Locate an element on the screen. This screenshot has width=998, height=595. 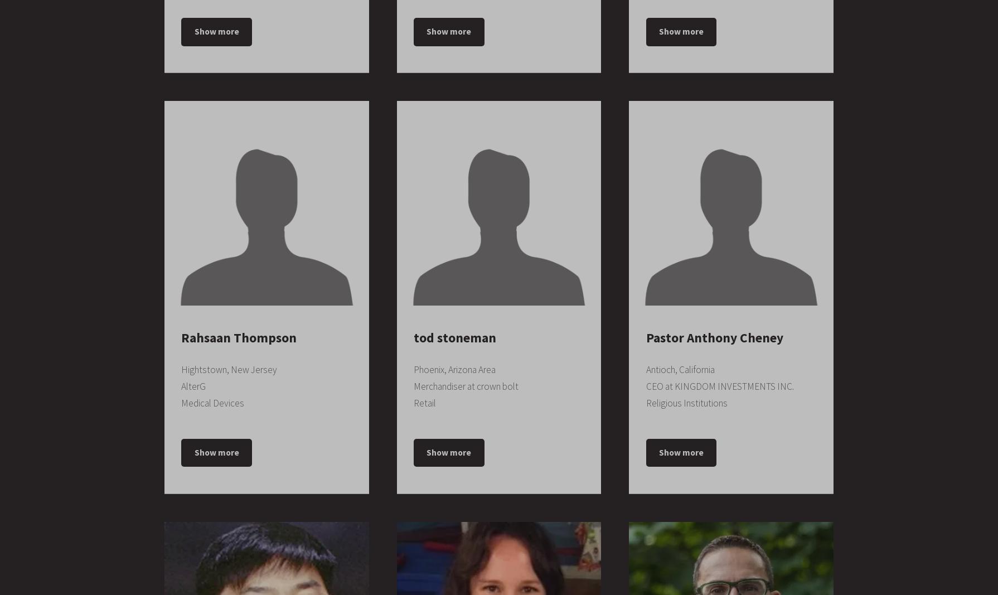
'March 2005 – July 2006' is located at coordinates (181, 446).